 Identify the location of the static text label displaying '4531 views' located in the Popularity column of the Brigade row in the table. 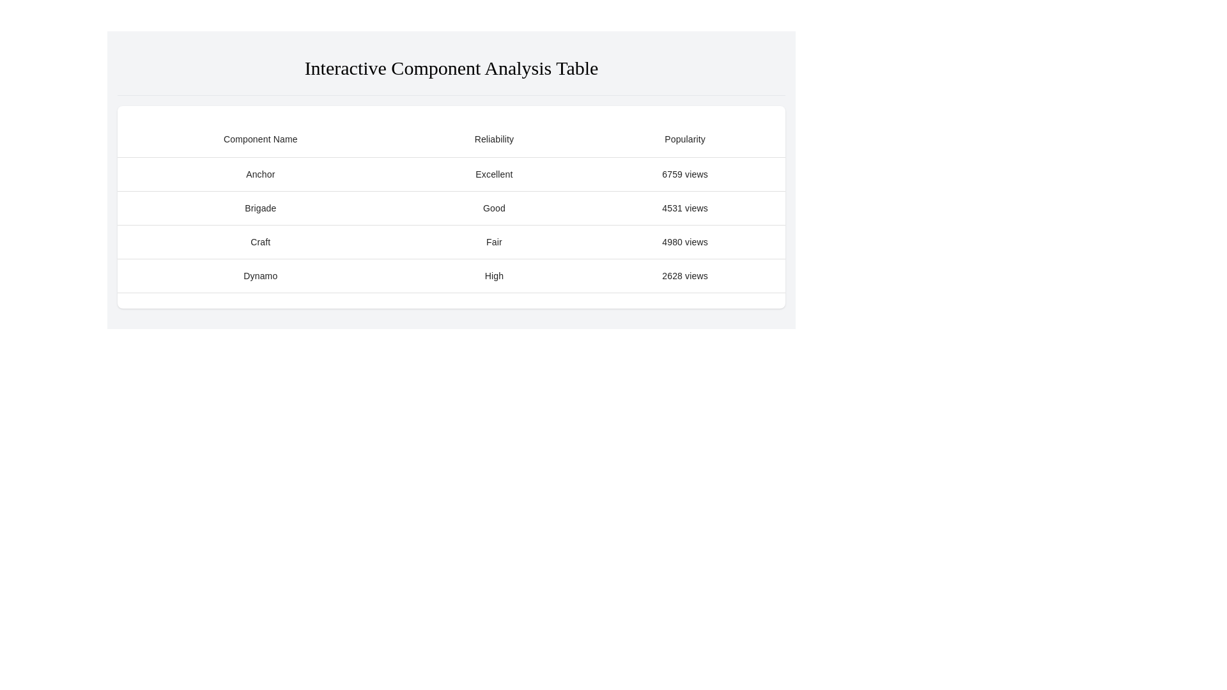
(684, 208).